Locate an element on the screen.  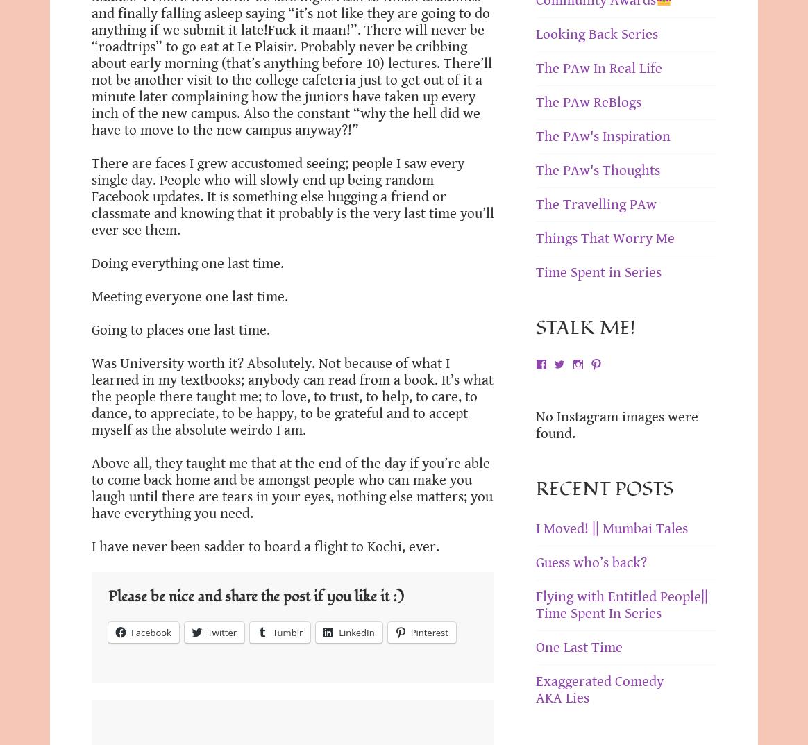
'I Moved! || Mumbai Tales' is located at coordinates (612, 527).